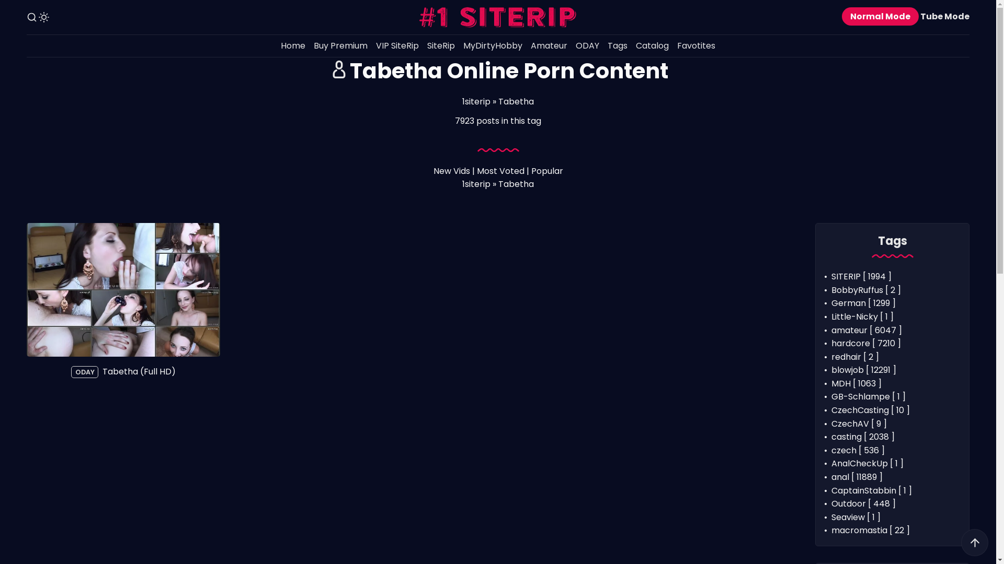 This screenshot has width=1004, height=564. What do you see at coordinates (944, 16) in the screenshot?
I see `'Tube Mode'` at bounding box center [944, 16].